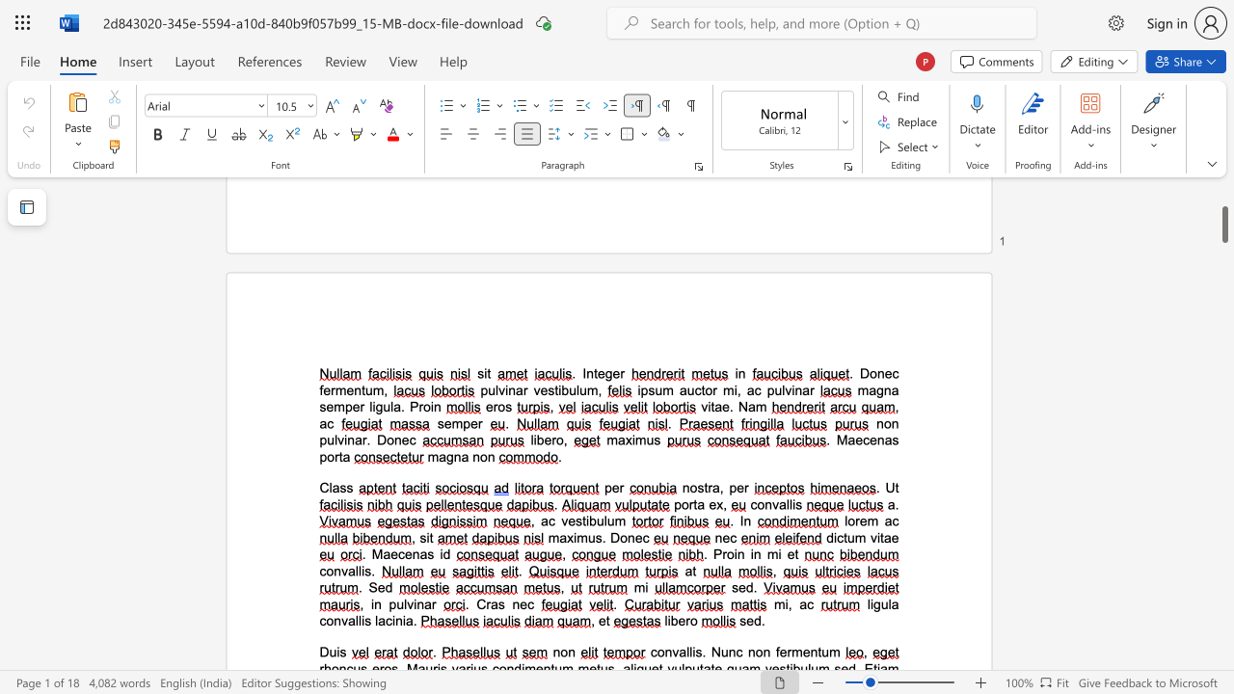 This screenshot has height=694, width=1234. Describe the element at coordinates (377, 554) in the screenshot. I see `the 1th character "M" in the text` at that location.